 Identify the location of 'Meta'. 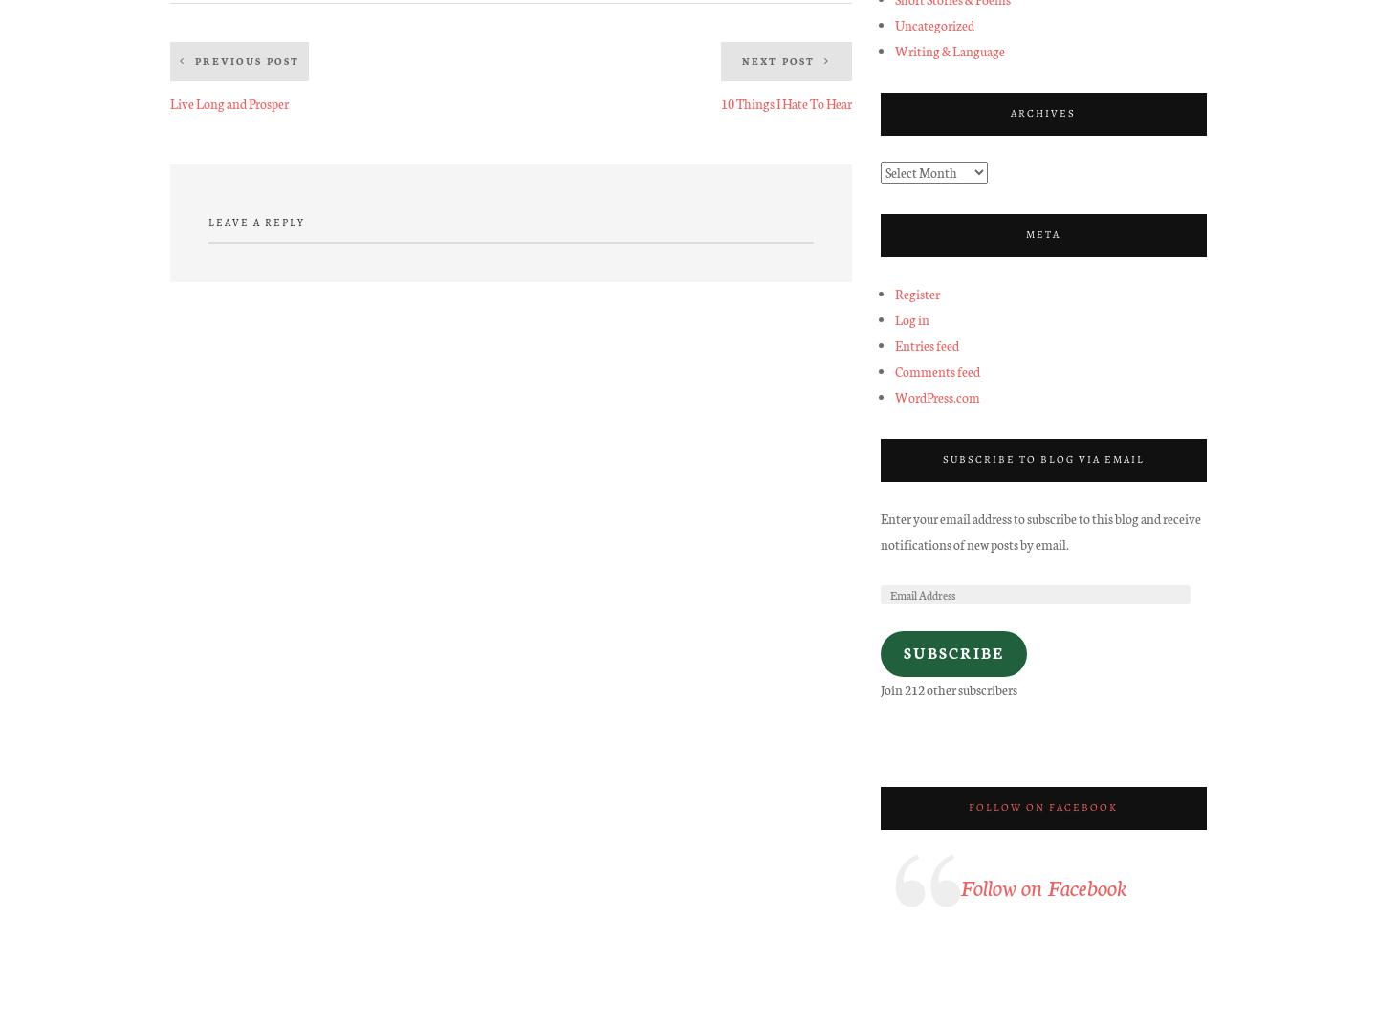
(1041, 232).